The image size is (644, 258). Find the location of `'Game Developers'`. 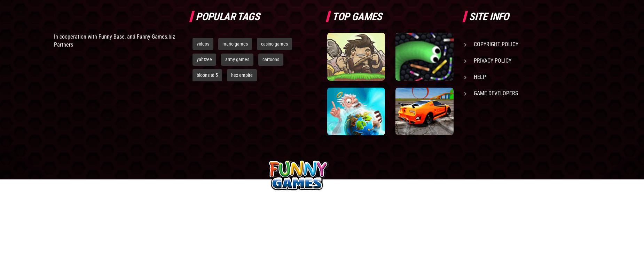

'Game Developers' is located at coordinates (495, 93).